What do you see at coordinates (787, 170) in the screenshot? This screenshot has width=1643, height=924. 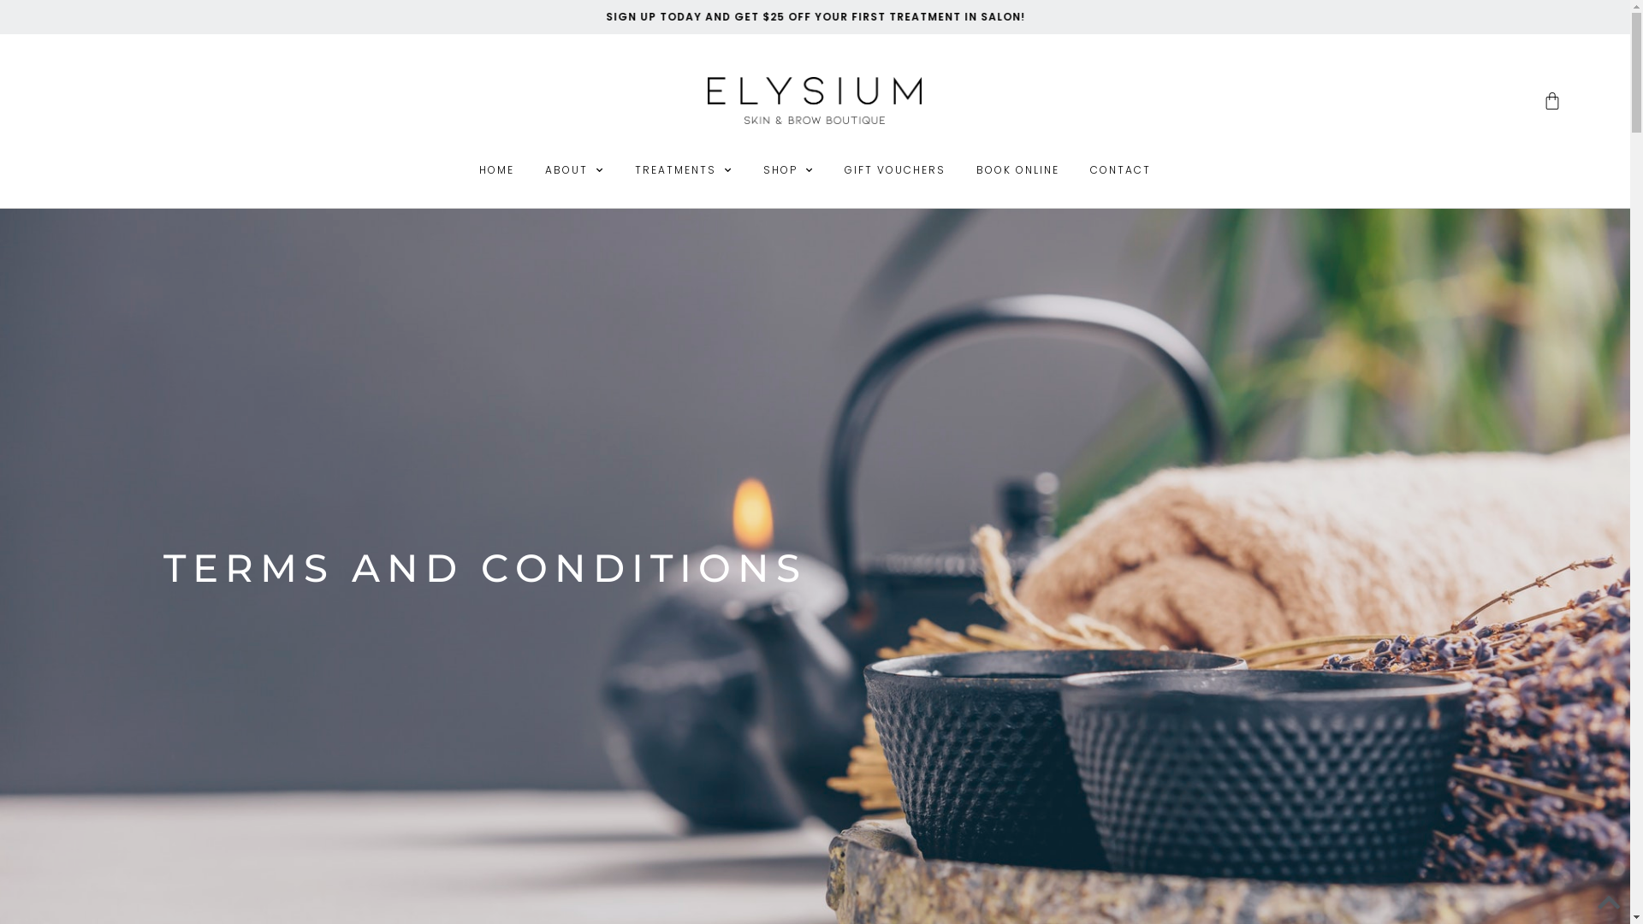 I see `'SHOP'` at bounding box center [787, 170].